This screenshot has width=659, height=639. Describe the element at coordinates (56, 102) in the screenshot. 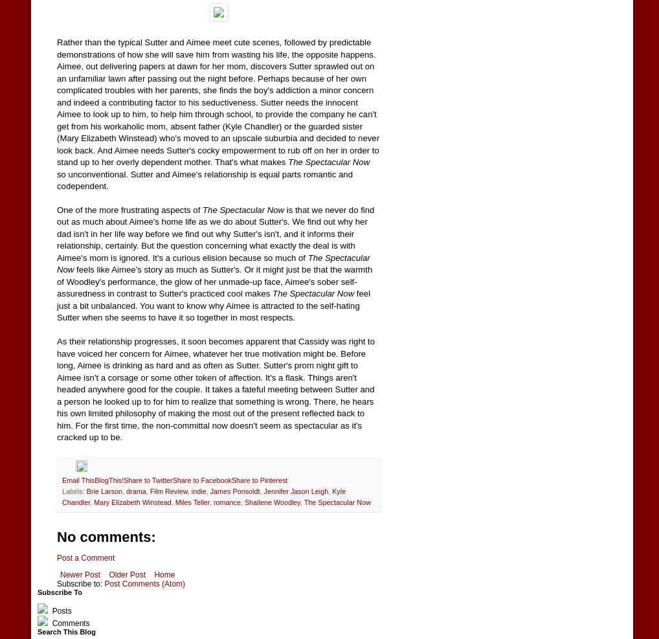

I see `'Rather than the typical Sutter and Aimee meet cute scenes, followed by predictable demonstrations of how she will save him from wasting his life, the opposite happens. Aimee, out delivering papers at dawn for her mom, discovers Sutter sprawled out on an unfamiliar lawn after passing out the night before. Perhaps because of her own complicated troubles with her parents, she finds the boy's addiction a minor concern and indeed a contributing factor to his seductiveness. Sutter needs the innocent Aimee to look up to him, to help him through school, to provide the company he can't get from his workaholic mom, absent father (Kyle Chandler) or the guarded sister (Mary Elizabeth Winstead) who's moved to an upscale suburbia and decided to never look back. And Aimee needs Sutter's cocky empowerment to rub off on her in order to stand up to her overly dependent mother. That's what makes'` at that location.